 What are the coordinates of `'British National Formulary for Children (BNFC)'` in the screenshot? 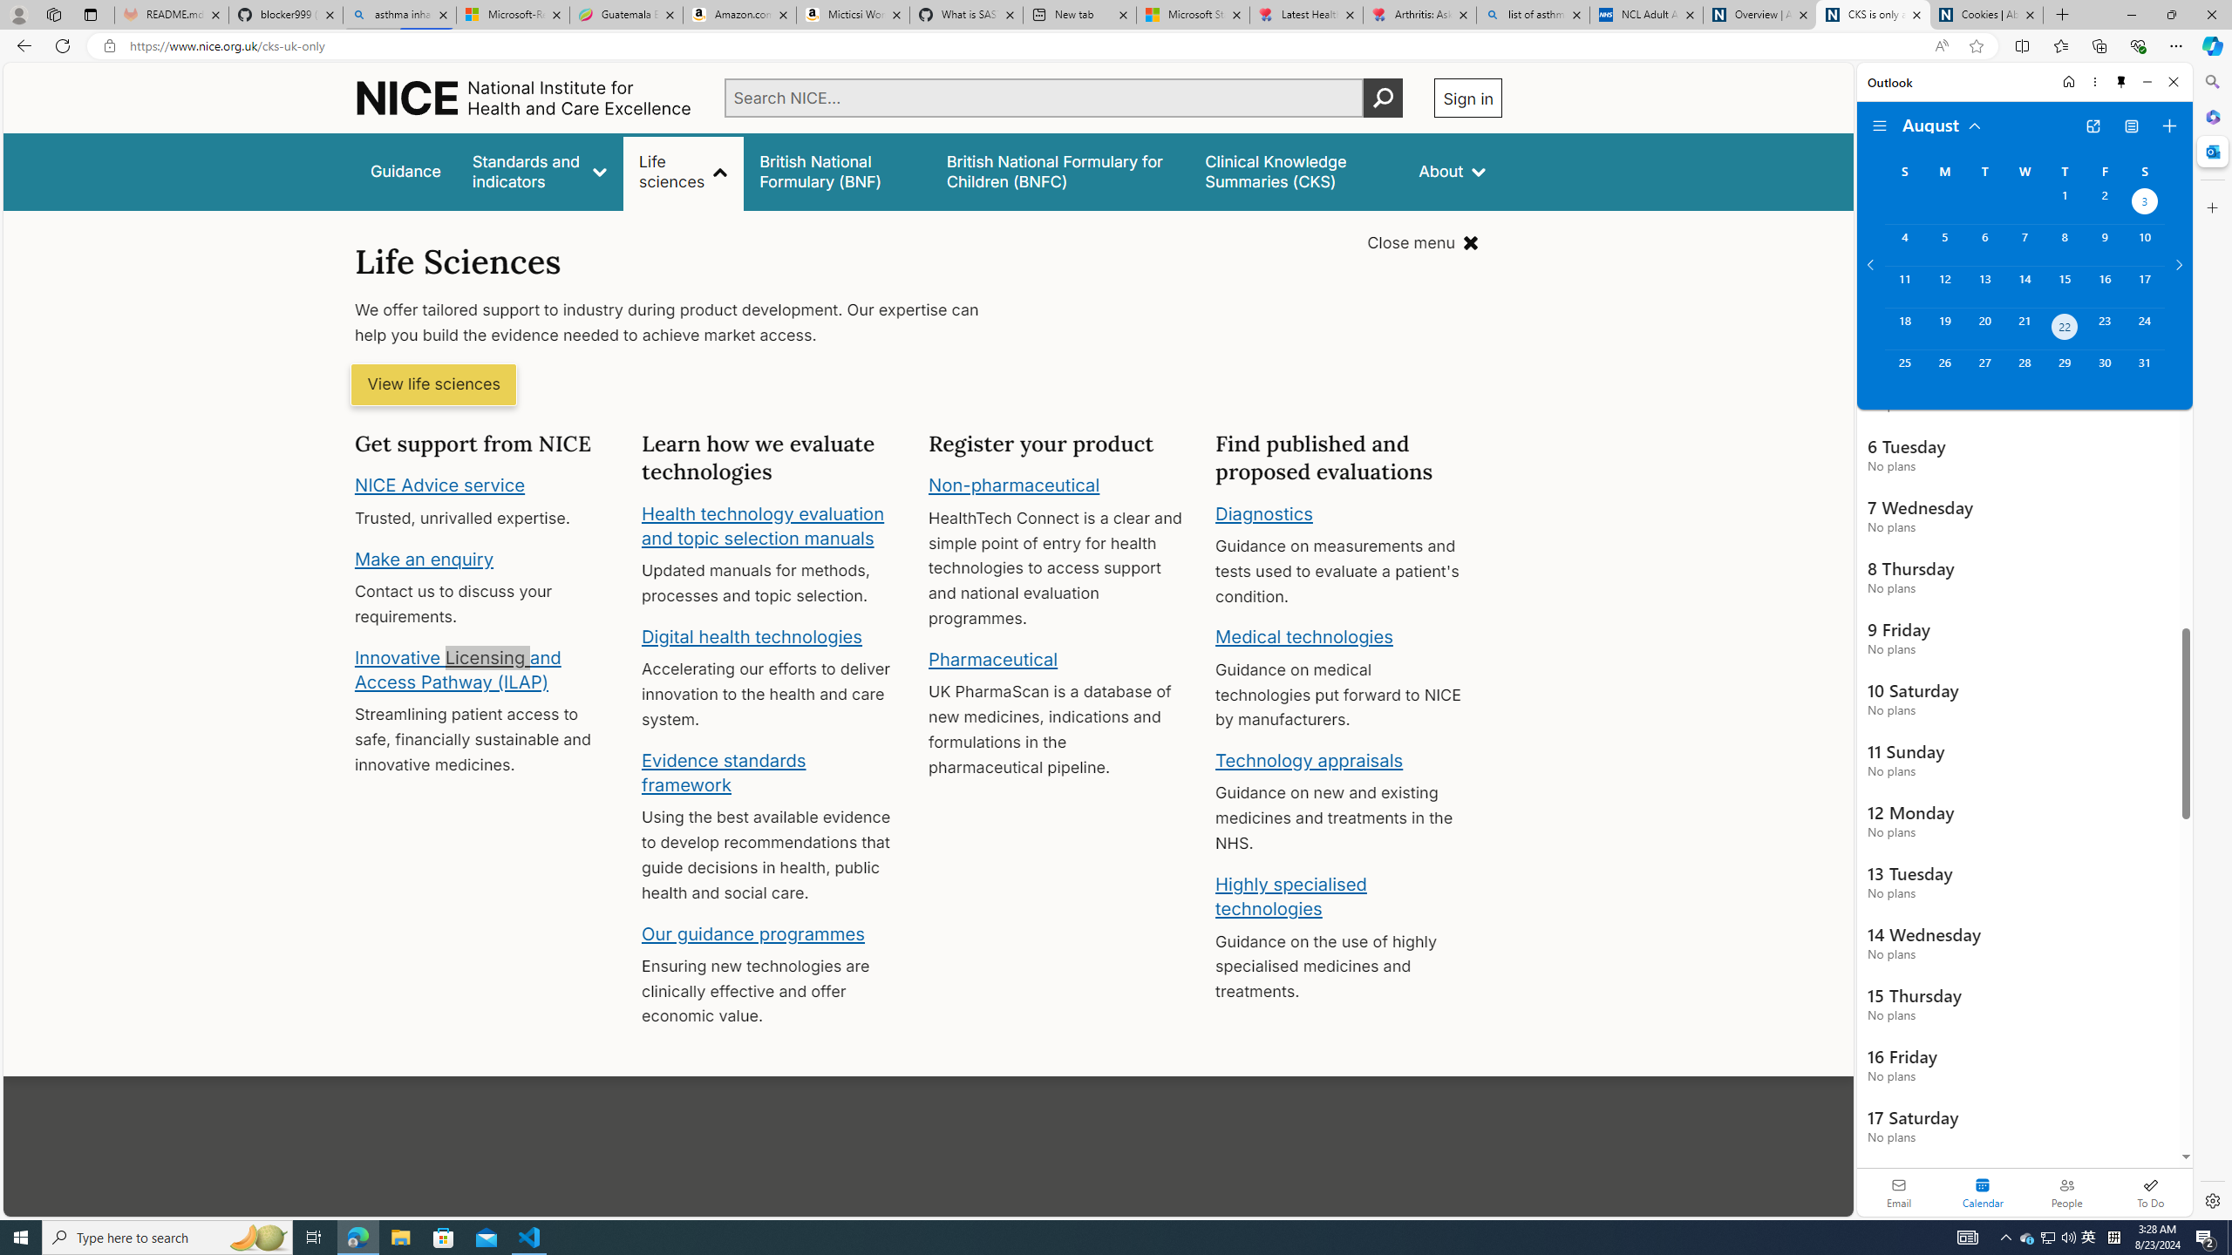 It's located at (1059, 171).